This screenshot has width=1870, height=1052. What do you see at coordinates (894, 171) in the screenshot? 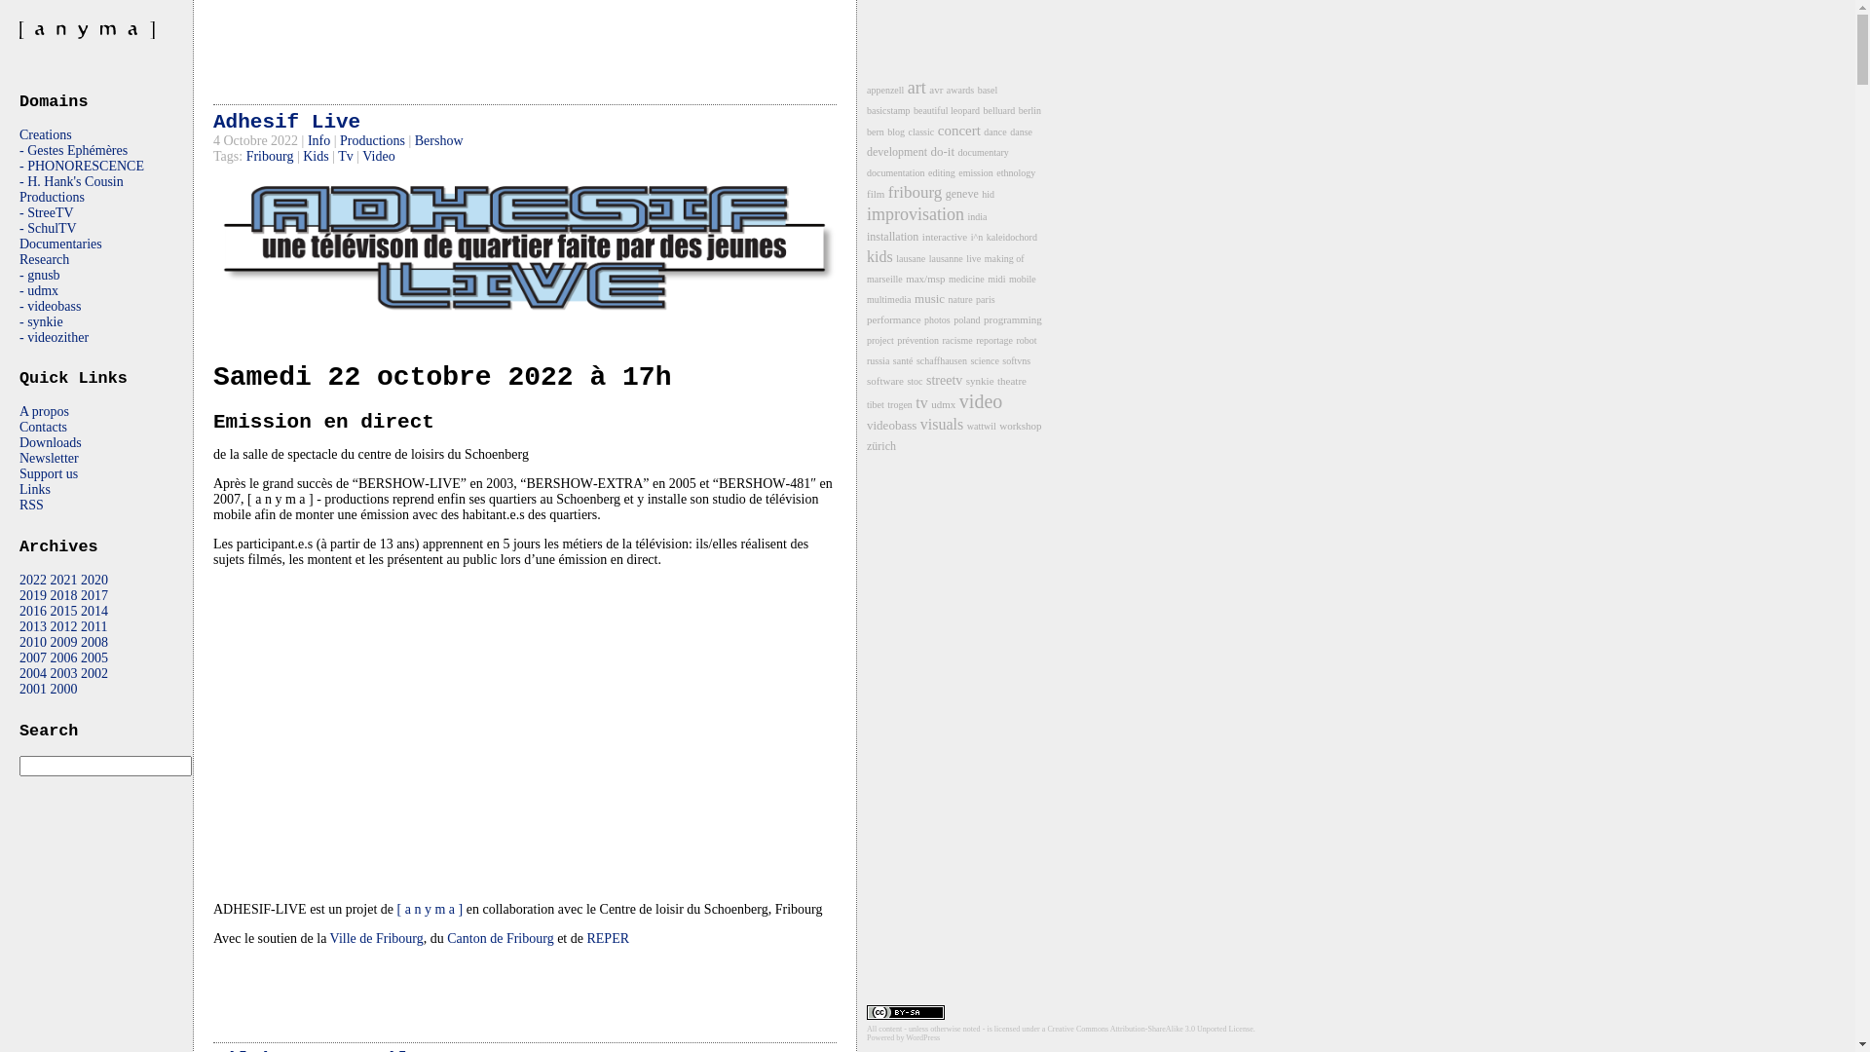
I see `'documentation'` at bounding box center [894, 171].